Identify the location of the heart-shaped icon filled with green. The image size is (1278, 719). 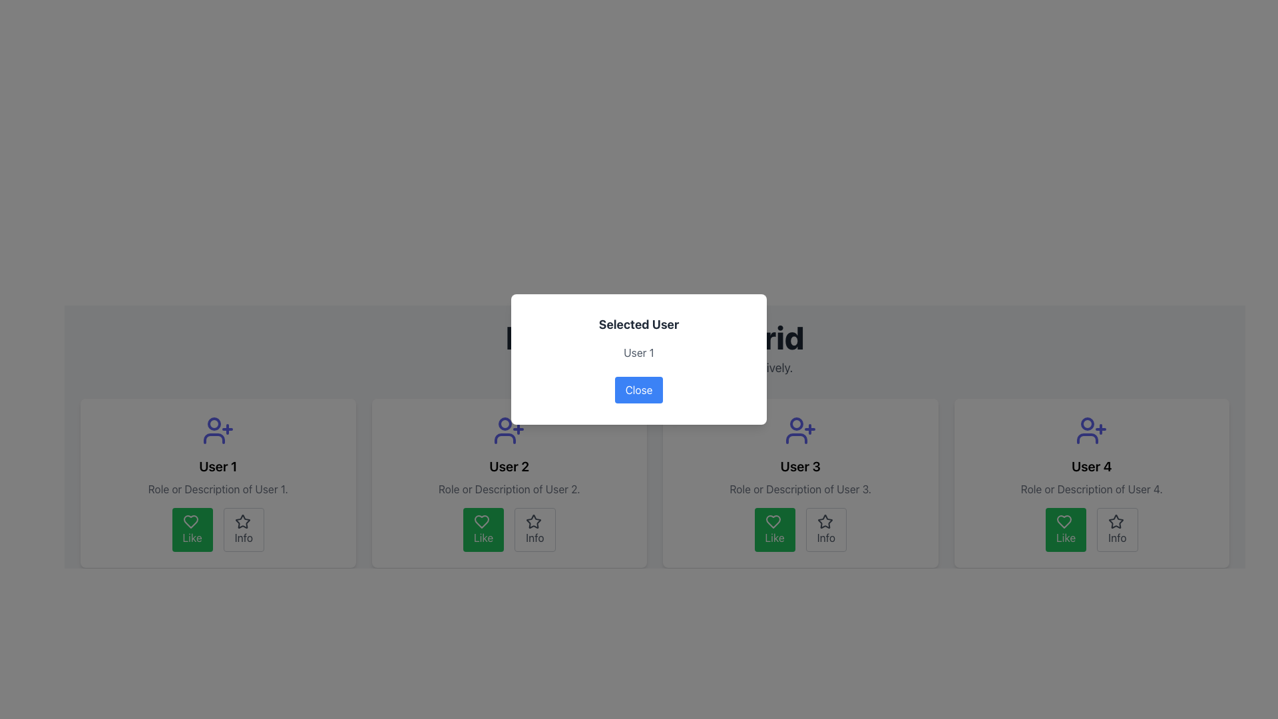
(190, 521).